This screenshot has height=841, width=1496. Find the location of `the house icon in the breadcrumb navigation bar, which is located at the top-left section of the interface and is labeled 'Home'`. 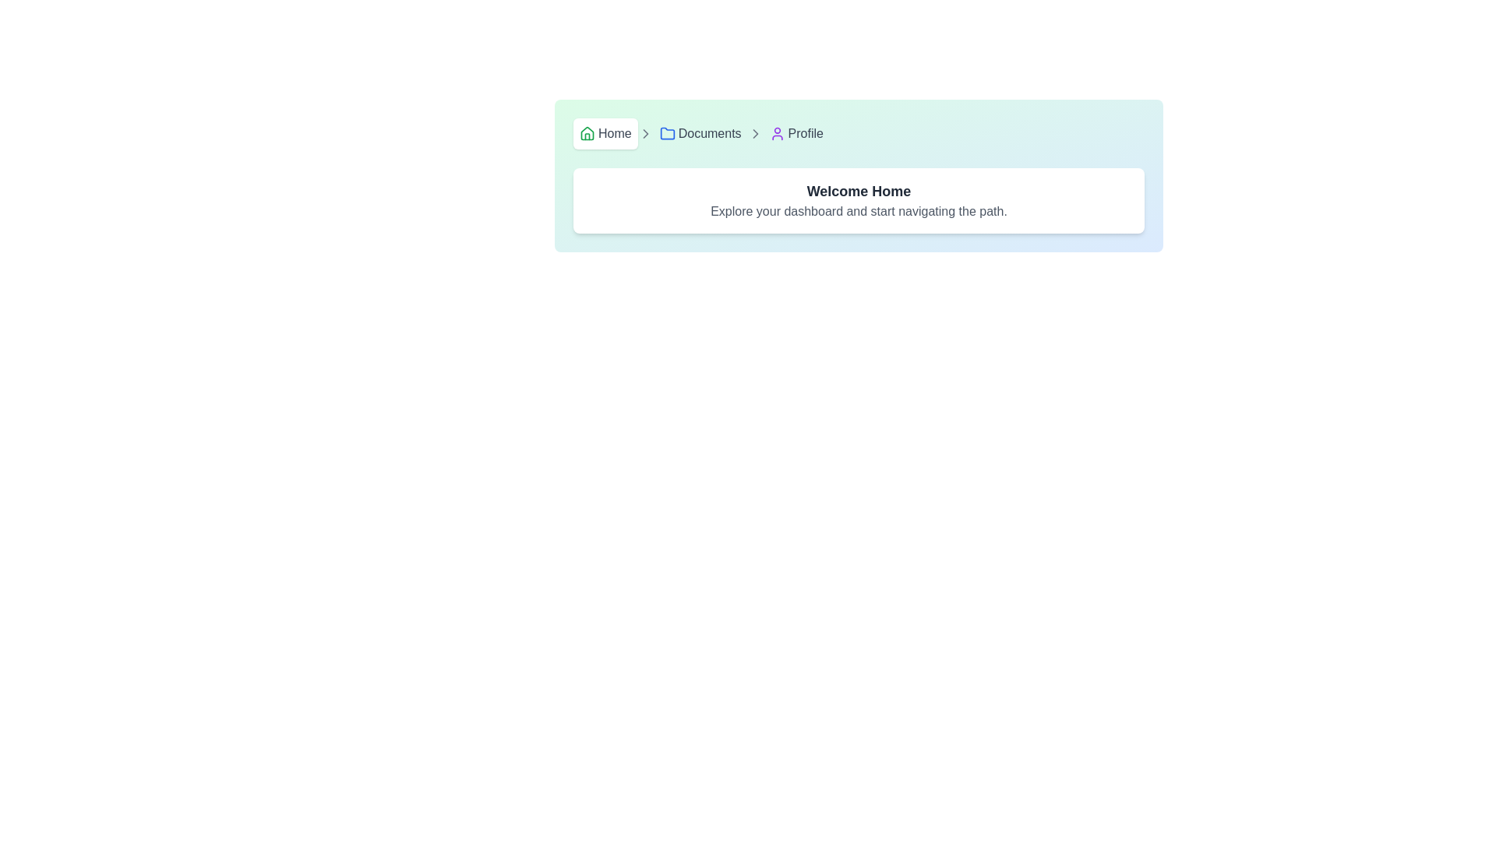

the house icon in the breadcrumb navigation bar, which is located at the top-left section of the interface and is labeled 'Home' is located at coordinates (586, 132).